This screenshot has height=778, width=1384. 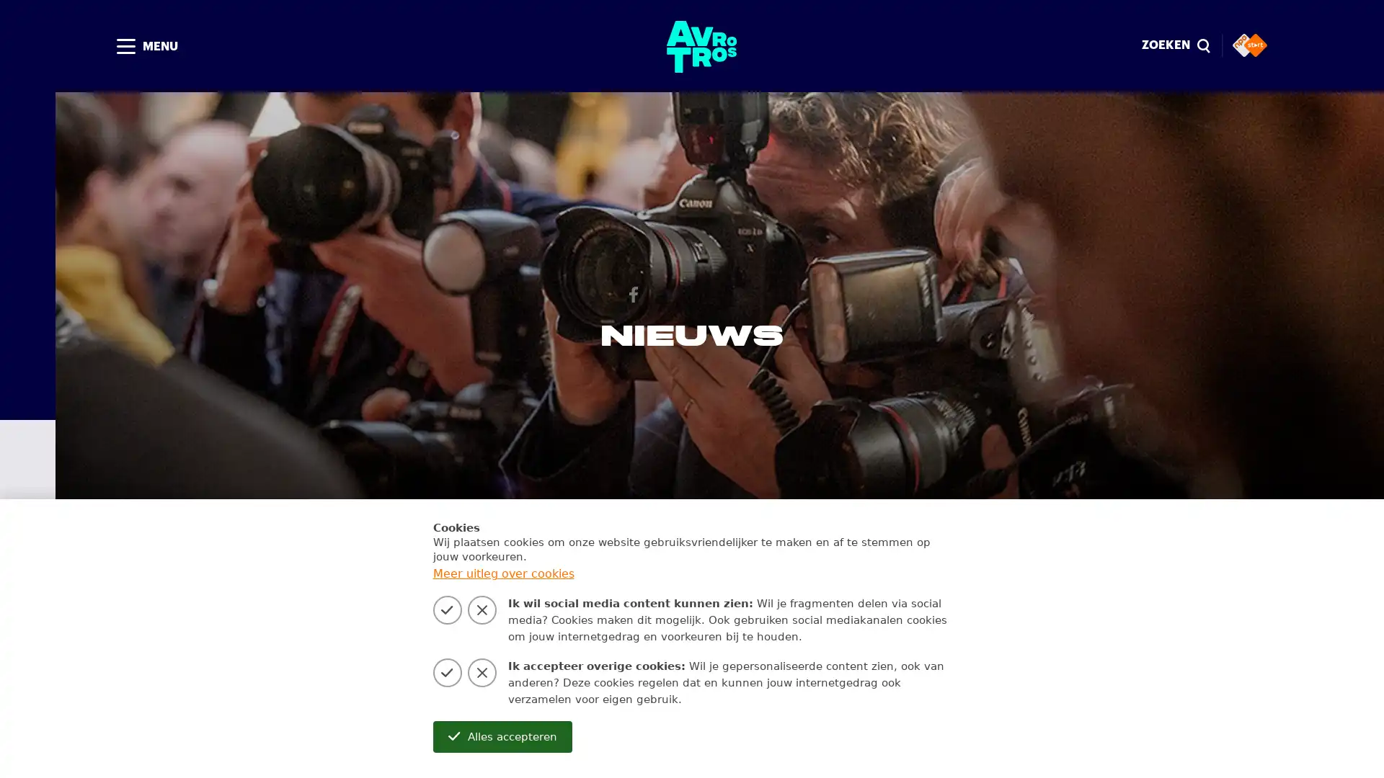 What do you see at coordinates (1175, 45) in the screenshot?
I see `ZOEKEN magnify` at bounding box center [1175, 45].